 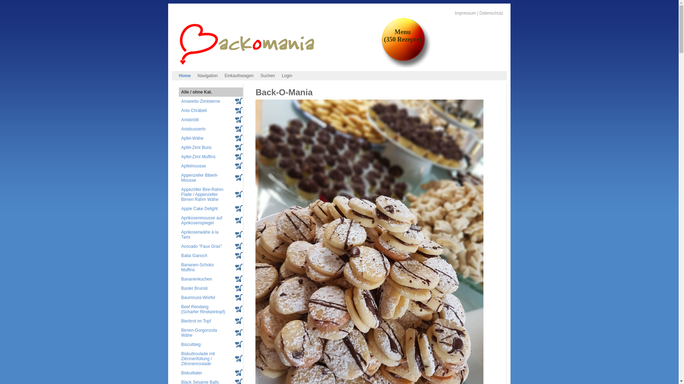 What do you see at coordinates (201, 246) in the screenshot?
I see `'Avocado "Faux Gras"'` at bounding box center [201, 246].